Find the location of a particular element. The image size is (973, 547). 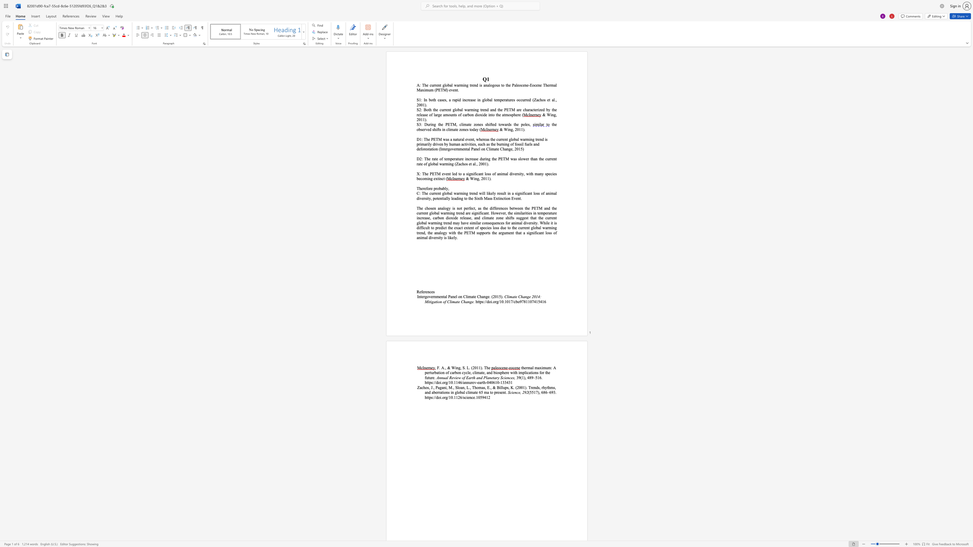

the subset text "itigation of Climate Chan" within the text "Climate Change 2014: Mitigation of Climate Change." is located at coordinates (428, 301).